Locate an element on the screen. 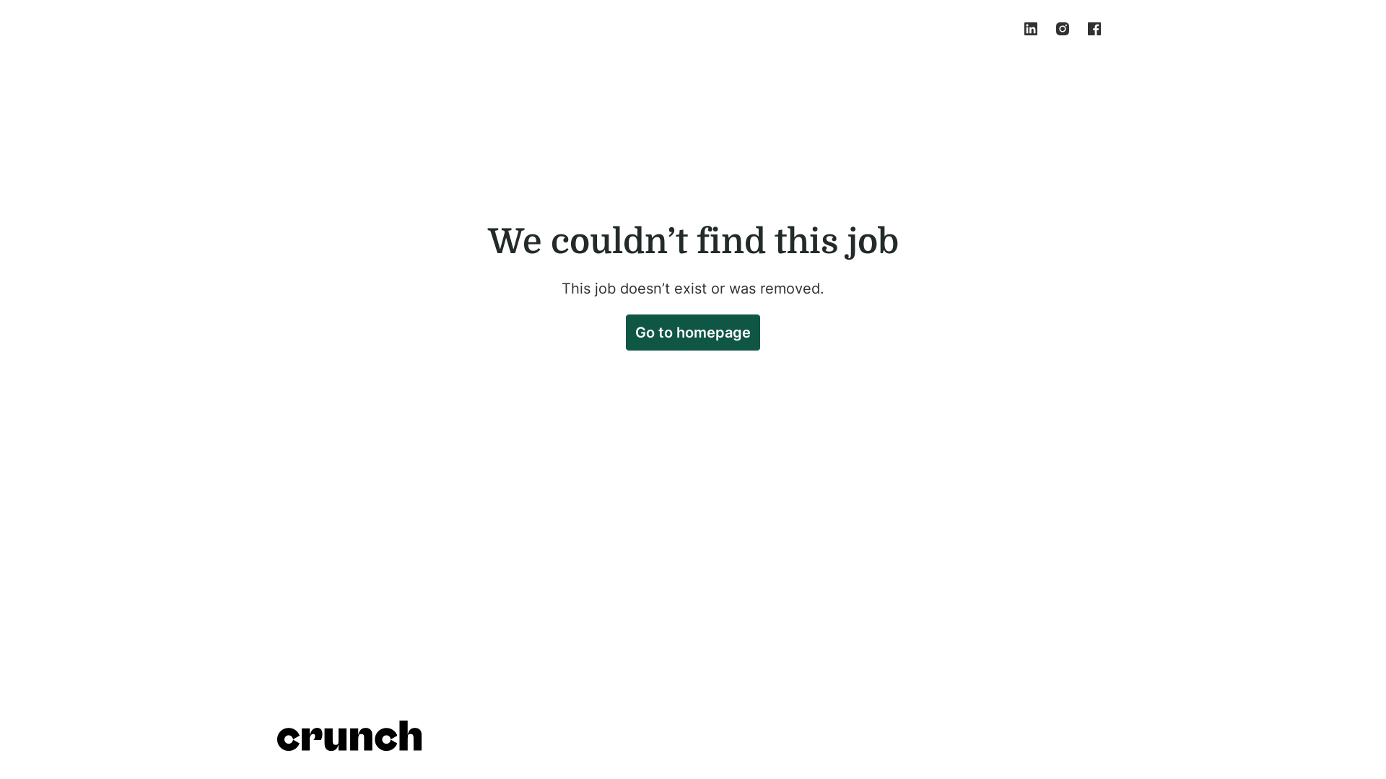 The height and width of the screenshot is (779, 1386). 'instagram' is located at coordinates (1063, 28).